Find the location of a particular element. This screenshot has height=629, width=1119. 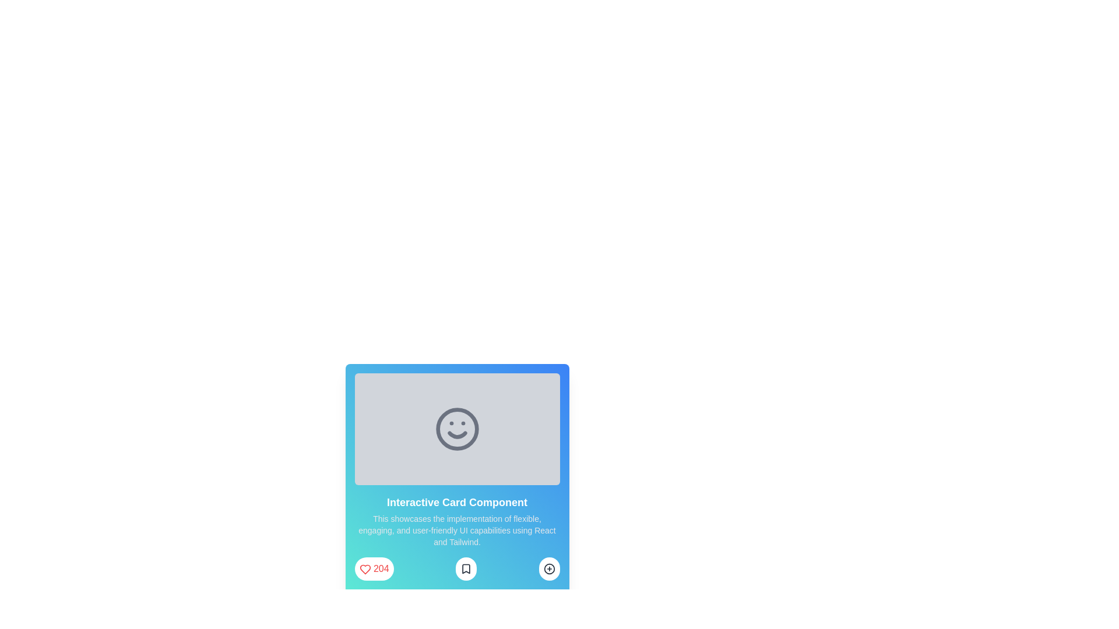

the like button located in the bottom left corner of the card component to express appreciation is located at coordinates (374, 568).